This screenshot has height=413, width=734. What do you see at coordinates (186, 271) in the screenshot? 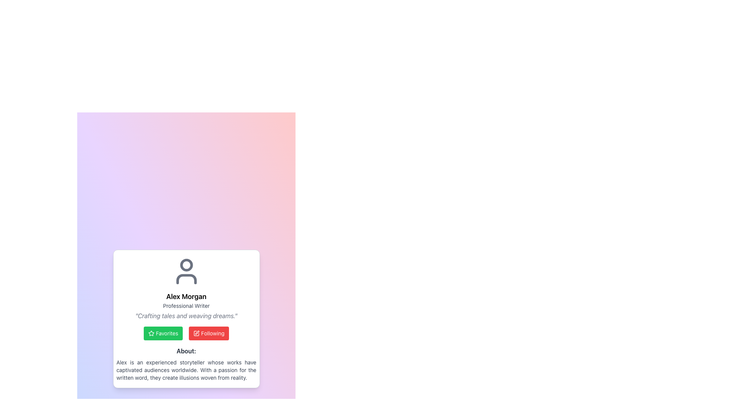
I see `the user account icon located in the upper central portion of the card, directly above the text 'Alex Morgan'` at bounding box center [186, 271].